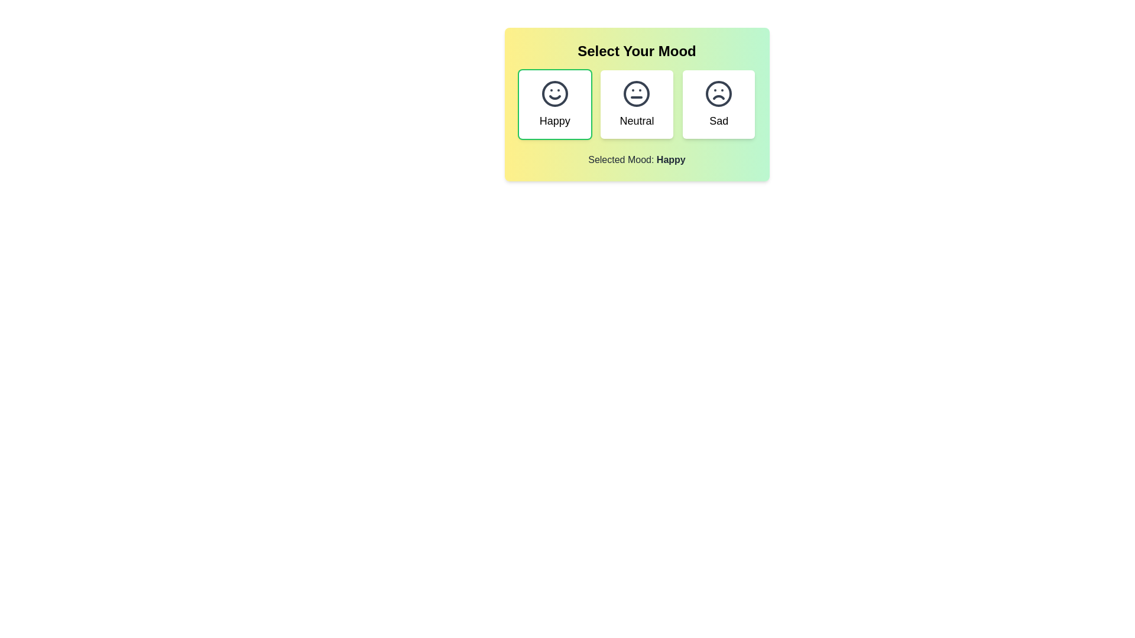 Image resolution: width=1135 pixels, height=638 pixels. What do you see at coordinates (554, 93) in the screenshot?
I see `the decorative circle representing the 'Happy' mood in the 'Select Your Mood' interface` at bounding box center [554, 93].